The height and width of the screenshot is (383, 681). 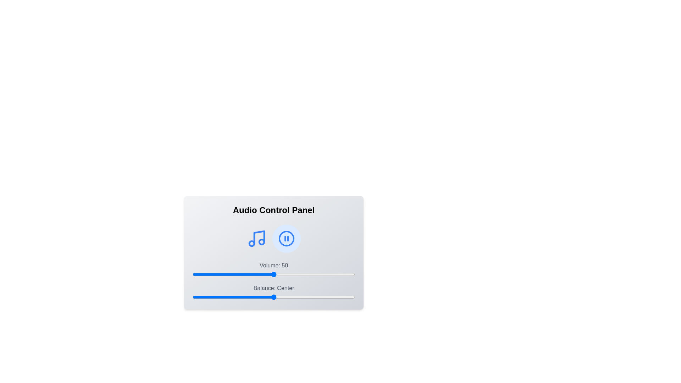 I want to click on the sliders on the Audio Control Panel, so click(x=273, y=252).